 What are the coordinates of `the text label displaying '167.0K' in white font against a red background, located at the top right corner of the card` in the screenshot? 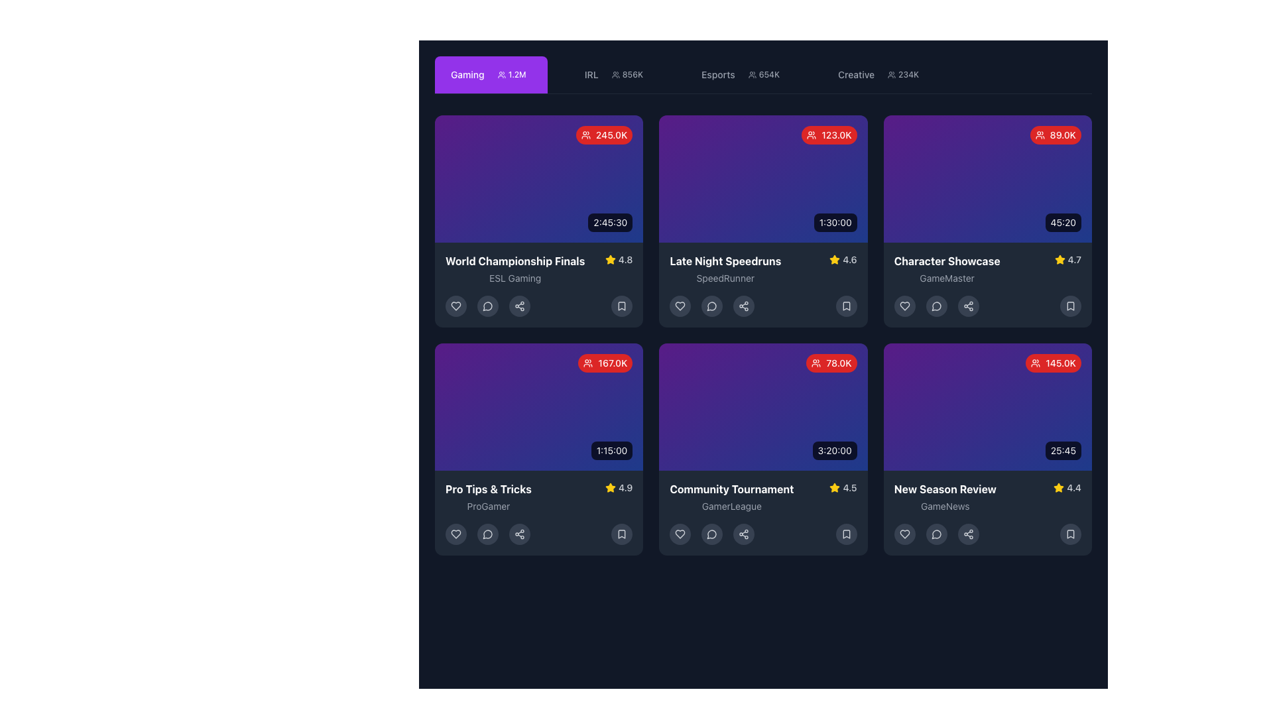 It's located at (612, 363).